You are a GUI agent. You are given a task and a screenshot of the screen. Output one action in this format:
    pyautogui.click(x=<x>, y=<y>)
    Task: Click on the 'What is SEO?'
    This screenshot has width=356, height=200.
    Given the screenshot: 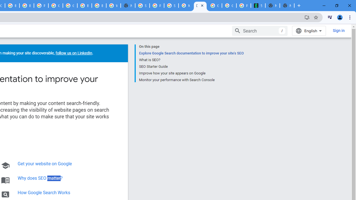 What is the action you would take?
    pyautogui.click(x=191, y=60)
    